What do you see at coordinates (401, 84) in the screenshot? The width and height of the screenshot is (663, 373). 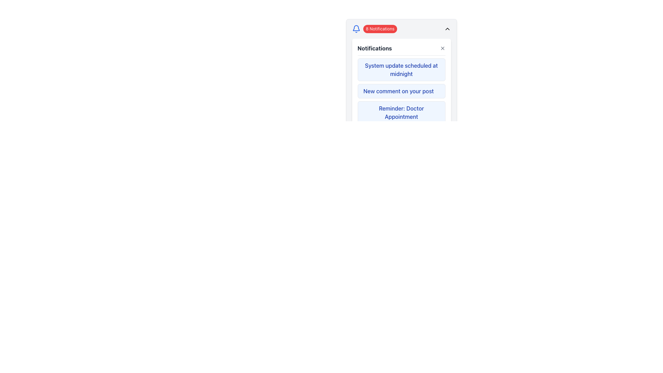 I see `the notifications panel, which displays recent or important notices, located centrally beneath a red-labeled notifications badge with a bell icon` at bounding box center [401, 84].